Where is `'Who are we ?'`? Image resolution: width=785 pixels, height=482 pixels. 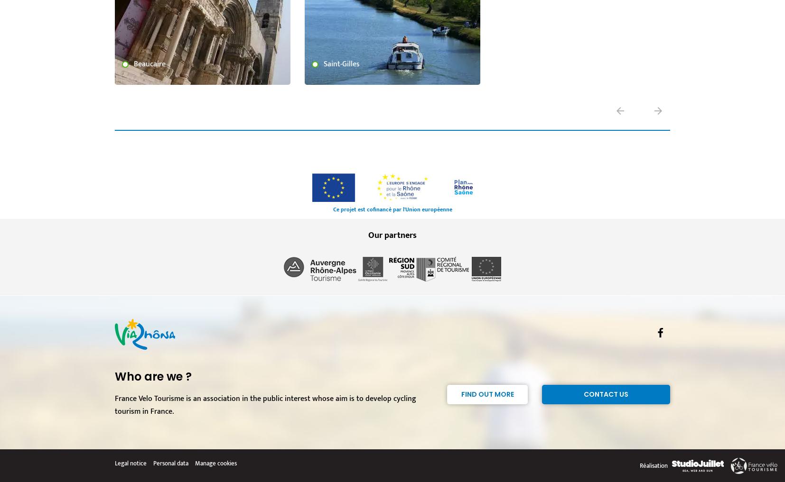 'Who are we ?' is located at coordinates (153, 376).